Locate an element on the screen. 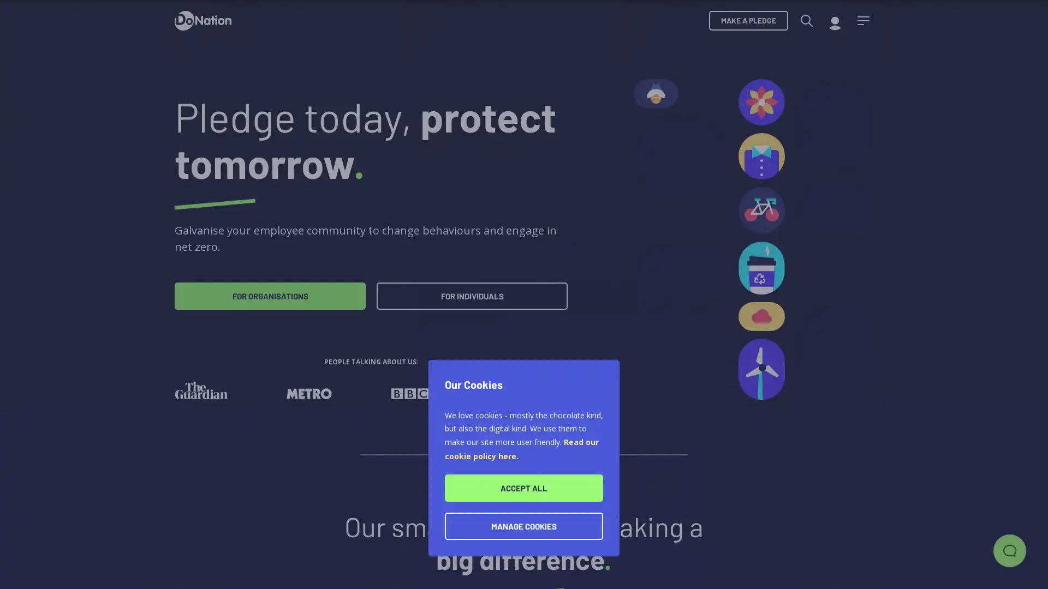 The image size is (1048, 589). Search is located at coordinates (807, 21).